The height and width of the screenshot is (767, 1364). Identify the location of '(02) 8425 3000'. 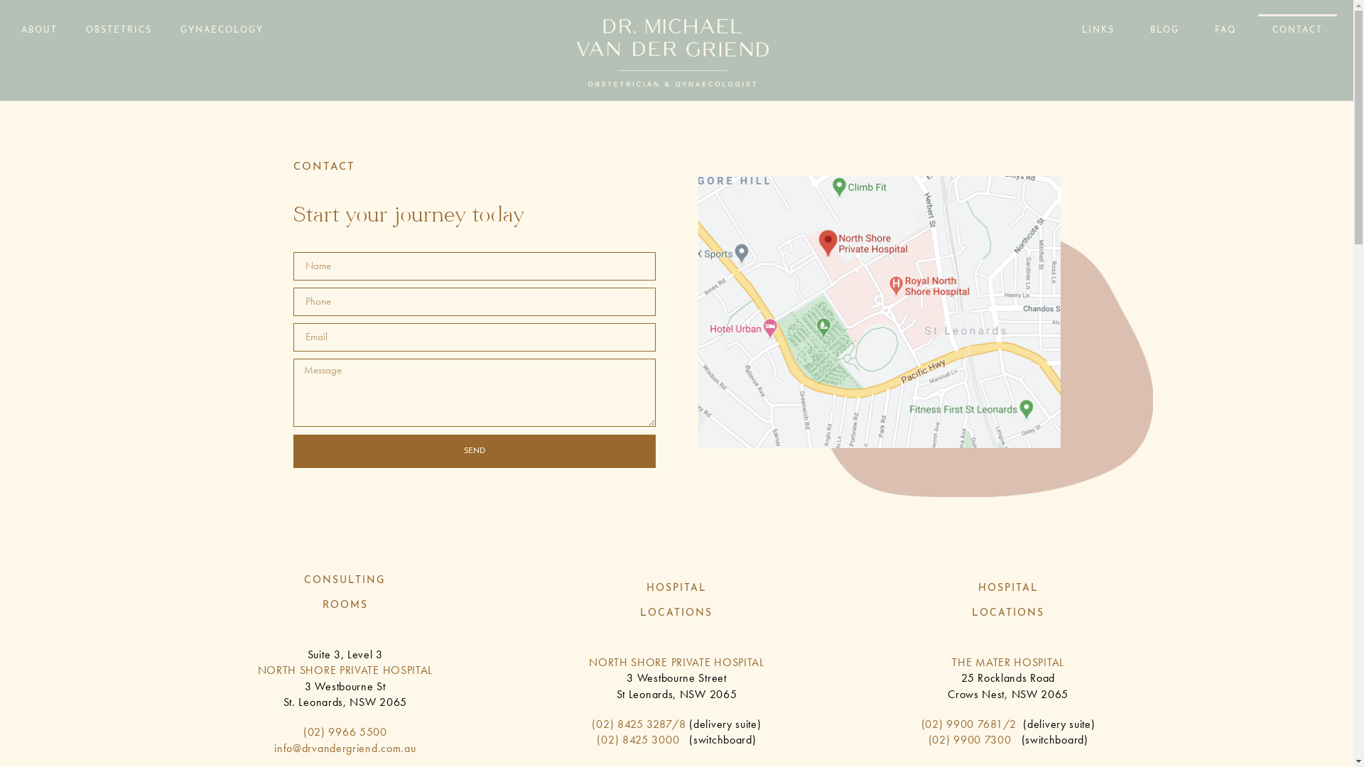
(637, 739).